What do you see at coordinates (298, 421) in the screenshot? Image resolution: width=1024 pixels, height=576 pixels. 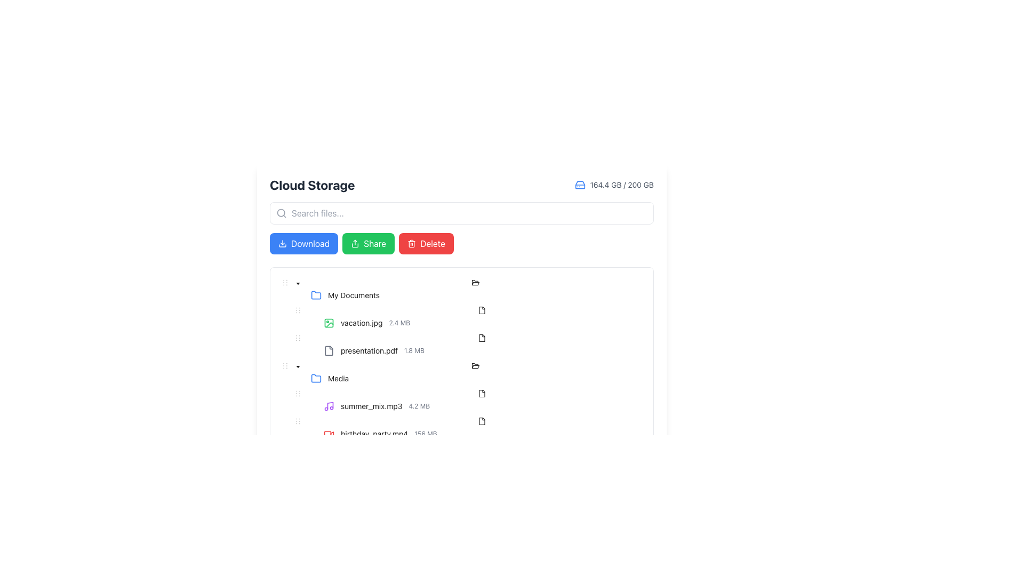 I see `the draggable handle icon represented by a vertical stack of three dots located within the row labeled 'birthday_party.mp4156 MB'` at bounding box center [298, 421].